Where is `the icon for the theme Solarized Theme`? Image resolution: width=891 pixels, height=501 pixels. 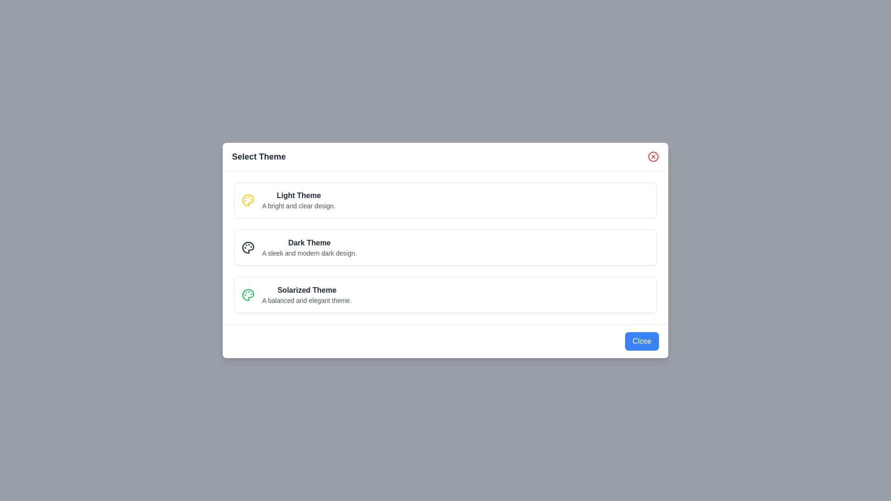 the icon for the theme Solarized Theme is located at coordinates (248, 295).